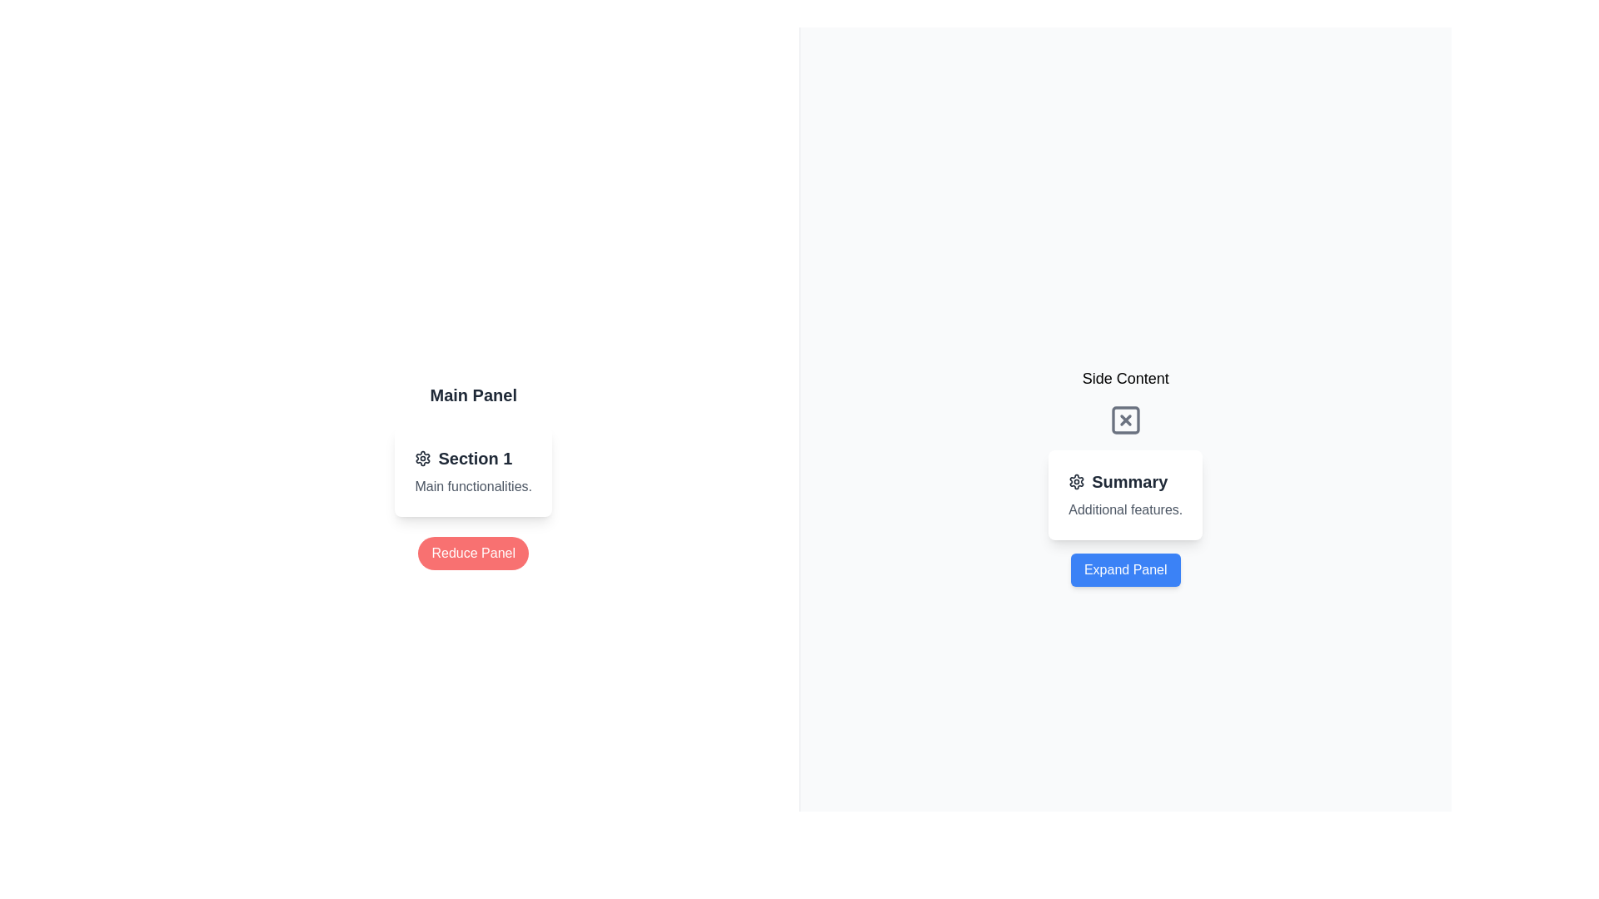 The height and width of the screenshot is (899, 1599). I want to click on the static text that provides additional context to the title 'Section 1' located at the bottom of the card labeled 'Section 1', so click(472, 487).